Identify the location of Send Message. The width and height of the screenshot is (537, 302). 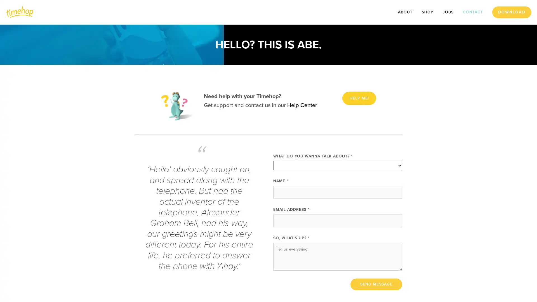
(376, 284).